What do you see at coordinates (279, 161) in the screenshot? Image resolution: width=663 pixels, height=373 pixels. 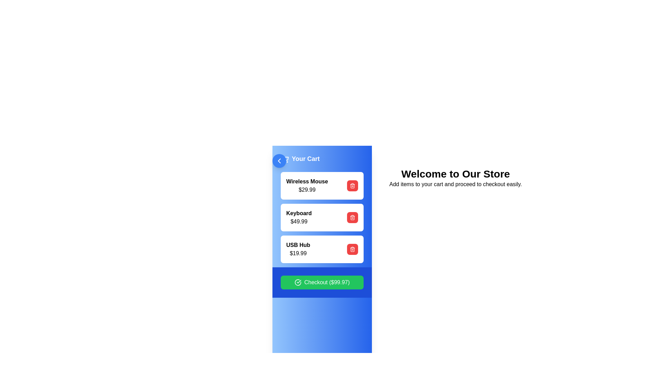 I see `the circular blue button with a chevron-left icon at the top-left corner of the cart section` at bounding box center [279, 161].